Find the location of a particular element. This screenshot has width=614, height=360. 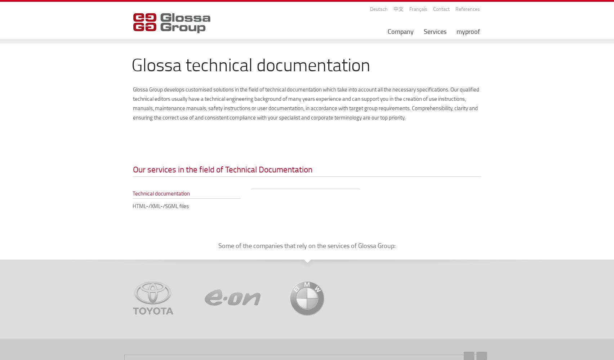

'References' is located at coordinates (467, 9).